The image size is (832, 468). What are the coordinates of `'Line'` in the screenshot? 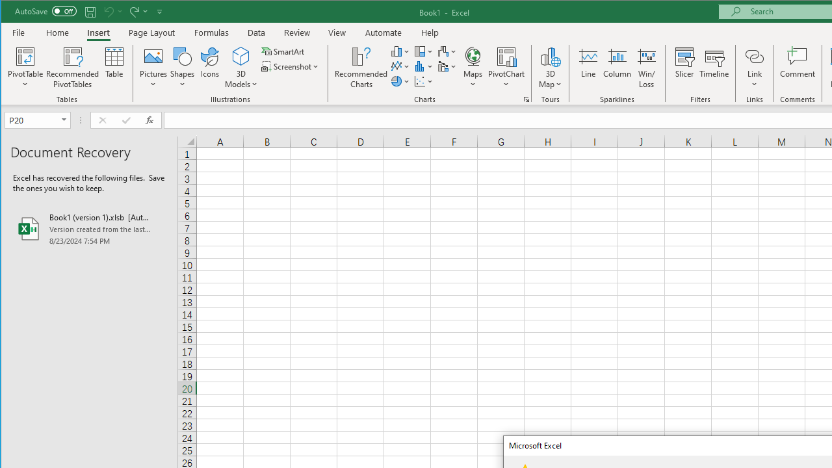 It's located at (587, 68).